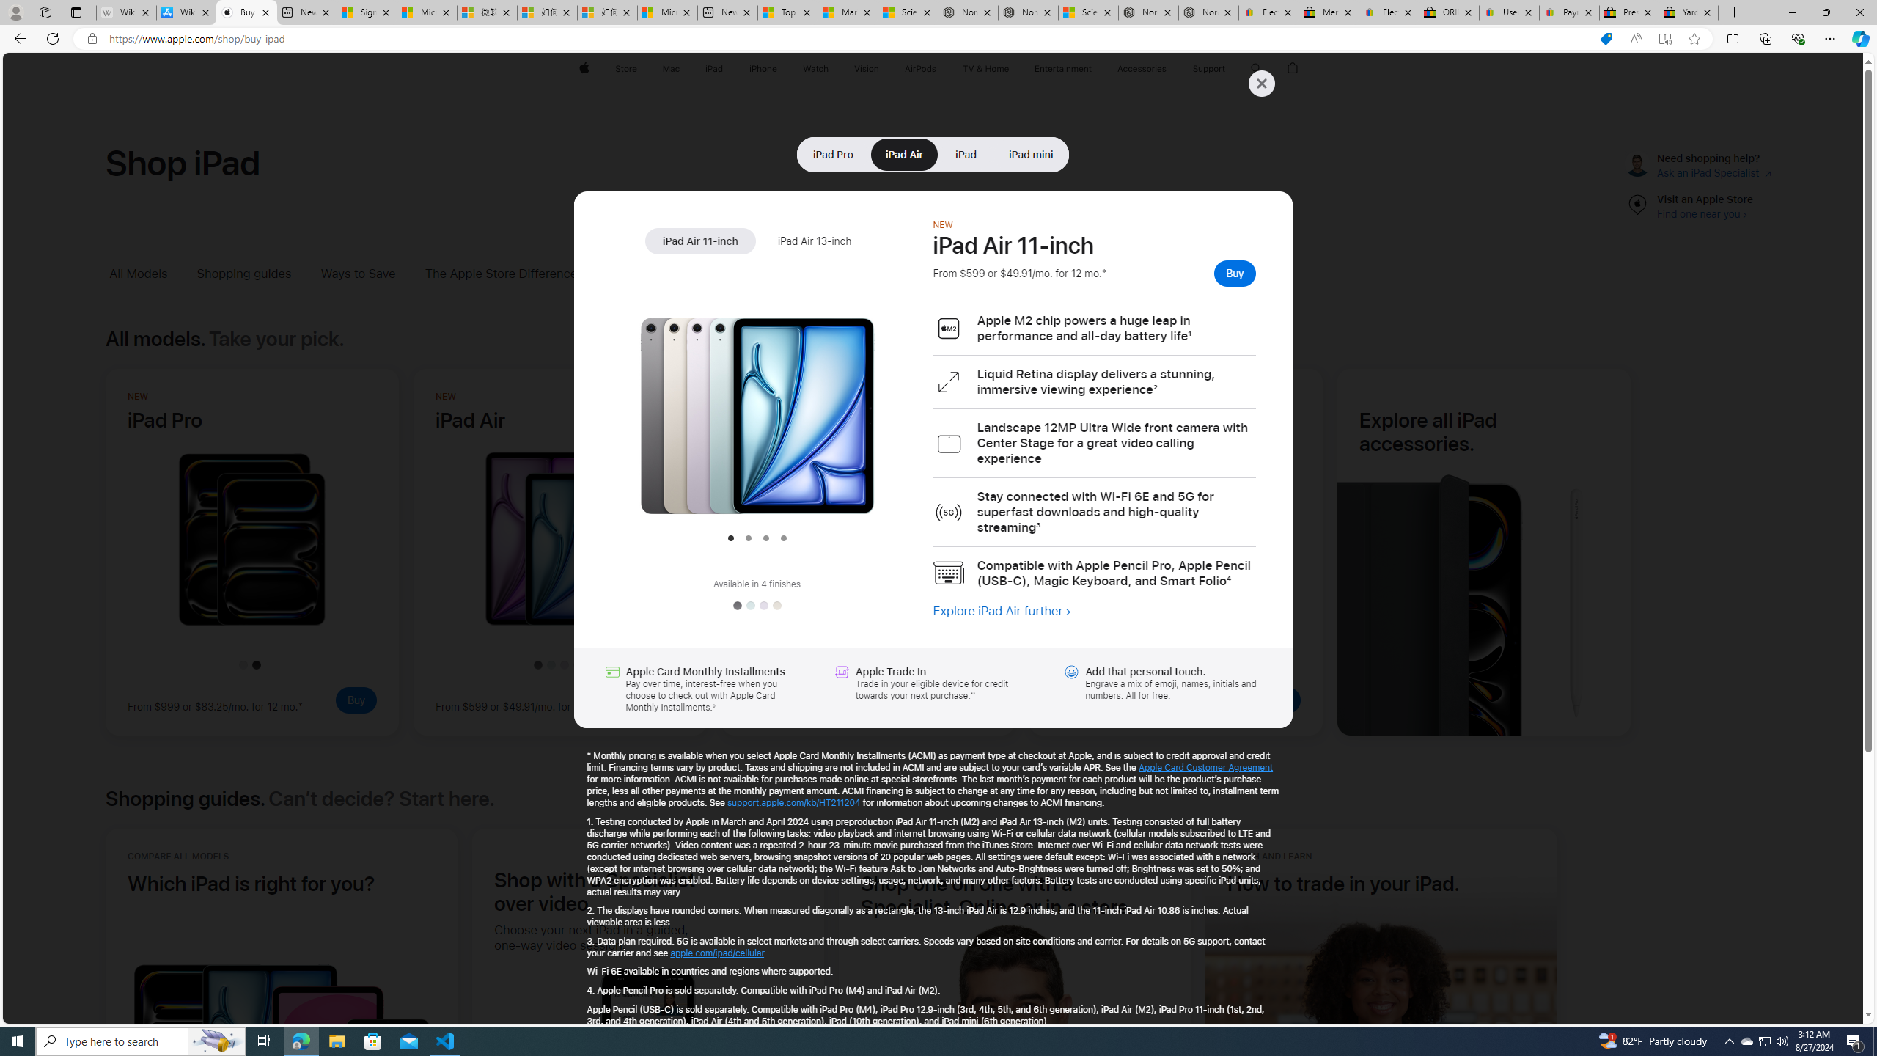 This screenshot has width=1877, height=1056. Describe the element at coordinates (749, 606) in the screenshot. I see `'Blue'` at that location.